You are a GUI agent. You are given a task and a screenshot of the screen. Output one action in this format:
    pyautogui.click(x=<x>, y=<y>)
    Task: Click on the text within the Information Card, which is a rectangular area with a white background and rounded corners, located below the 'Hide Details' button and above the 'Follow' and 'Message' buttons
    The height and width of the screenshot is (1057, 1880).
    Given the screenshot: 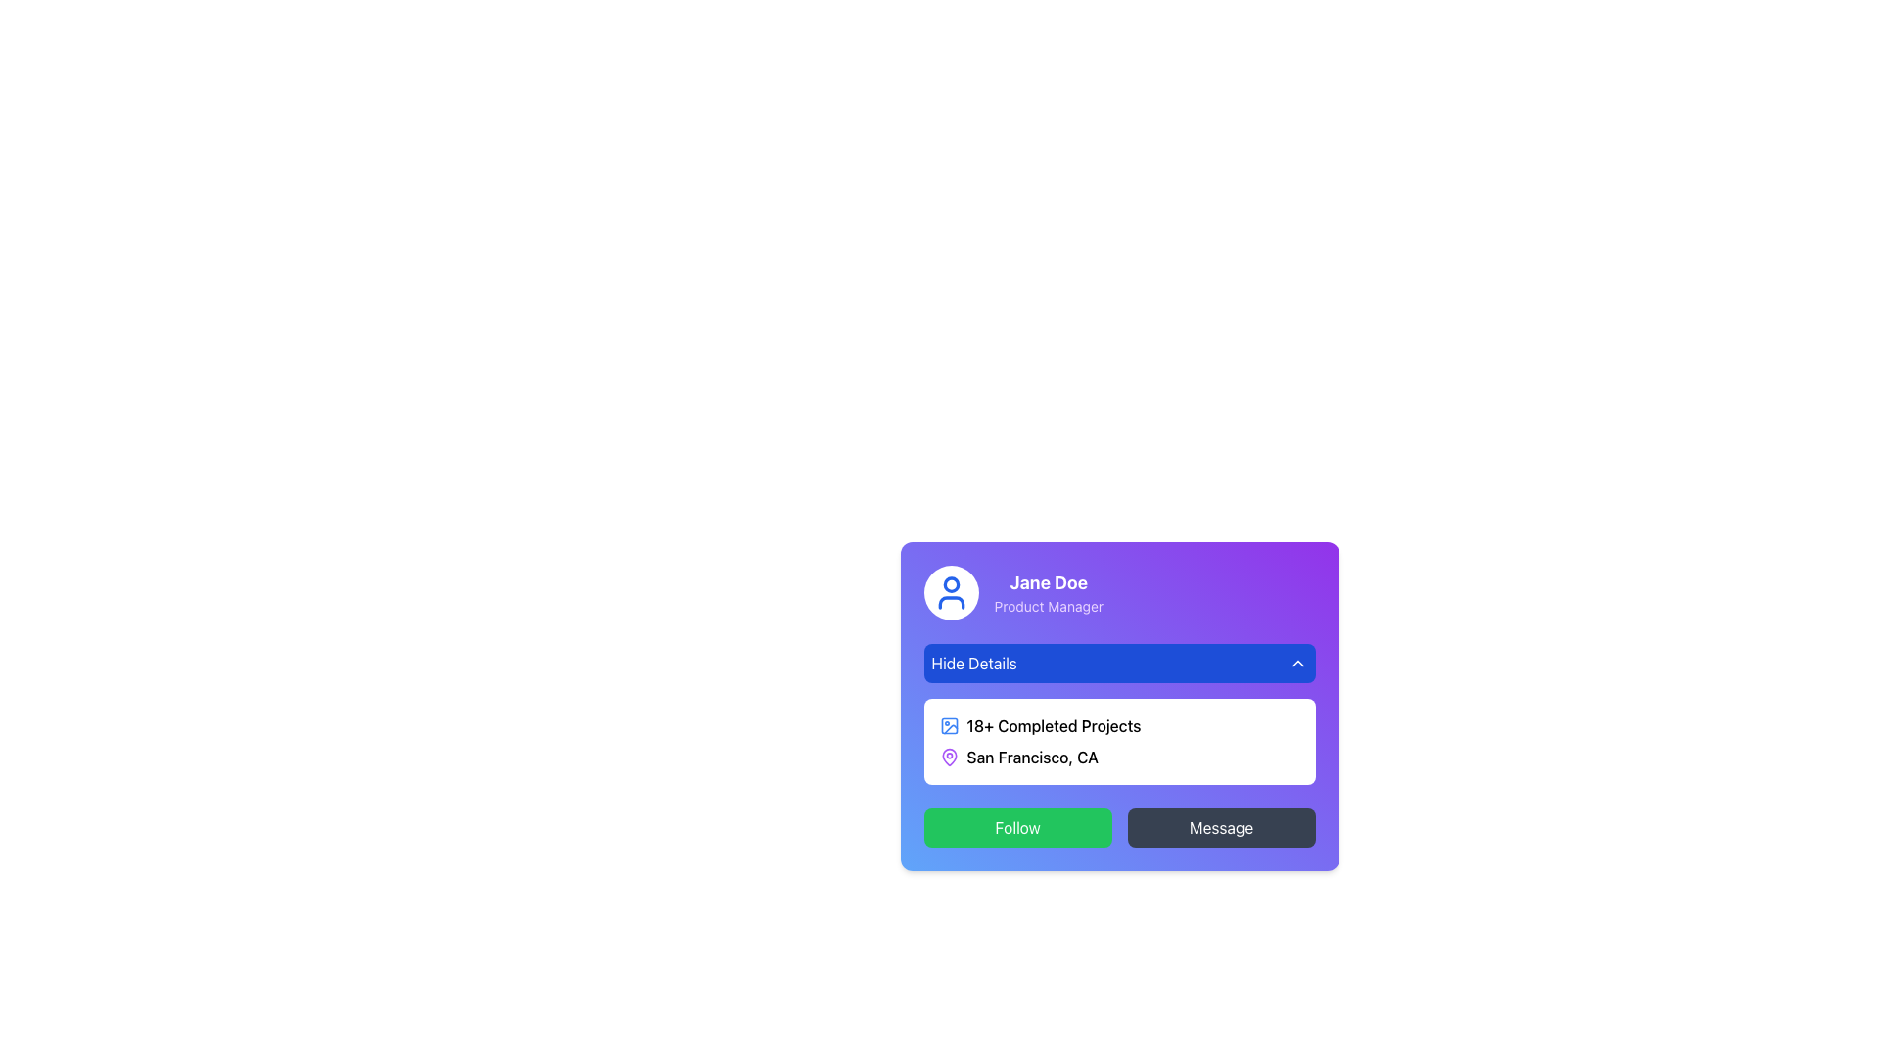 What is the action you would take?
    pyautogui.click(x=1119, y=706)
    